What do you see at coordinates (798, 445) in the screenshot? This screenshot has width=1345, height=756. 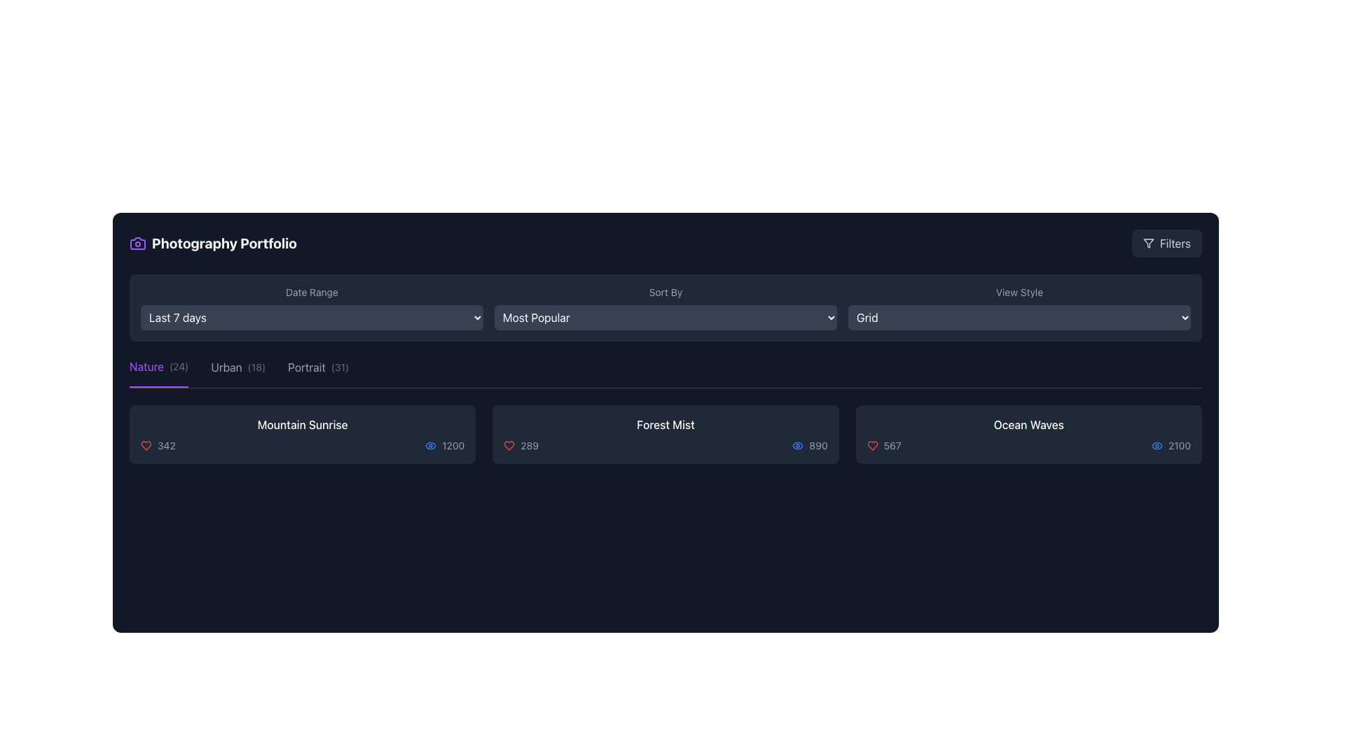 I see `the visibility indicator icon located in the 'Forest Mist' card, situated to the left of the numeric label '890' and to the right of the heart icon` at bounding box center [798, 445].